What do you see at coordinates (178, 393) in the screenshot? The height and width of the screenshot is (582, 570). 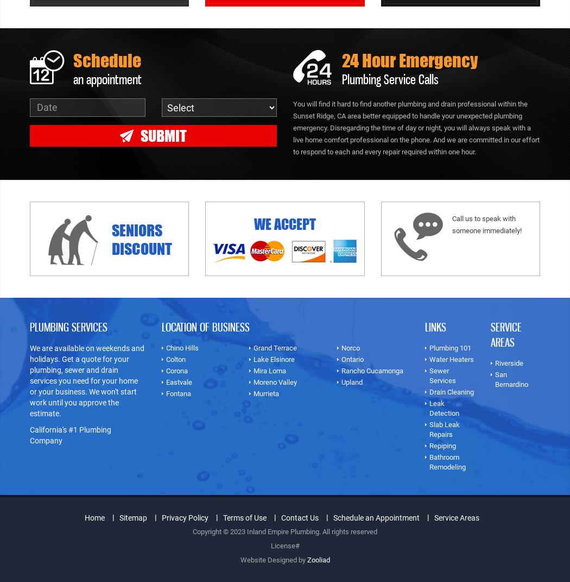 I see `'Fontana'` at bounding box center [178, 393].